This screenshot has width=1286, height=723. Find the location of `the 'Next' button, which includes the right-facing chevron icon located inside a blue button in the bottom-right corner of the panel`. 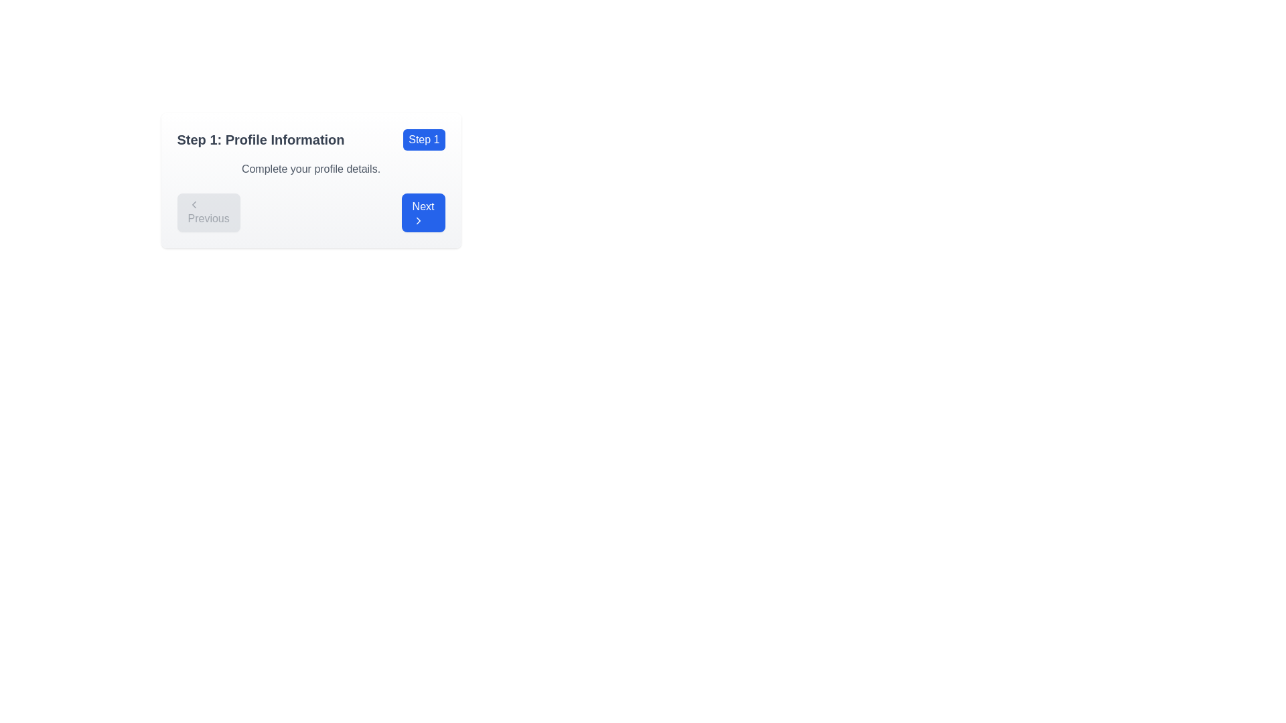

the 'Next' button, which includes the right-facing chevron icon located inside a blue button in the bottom-right corner of the panel is located at coordinates (417, 220).